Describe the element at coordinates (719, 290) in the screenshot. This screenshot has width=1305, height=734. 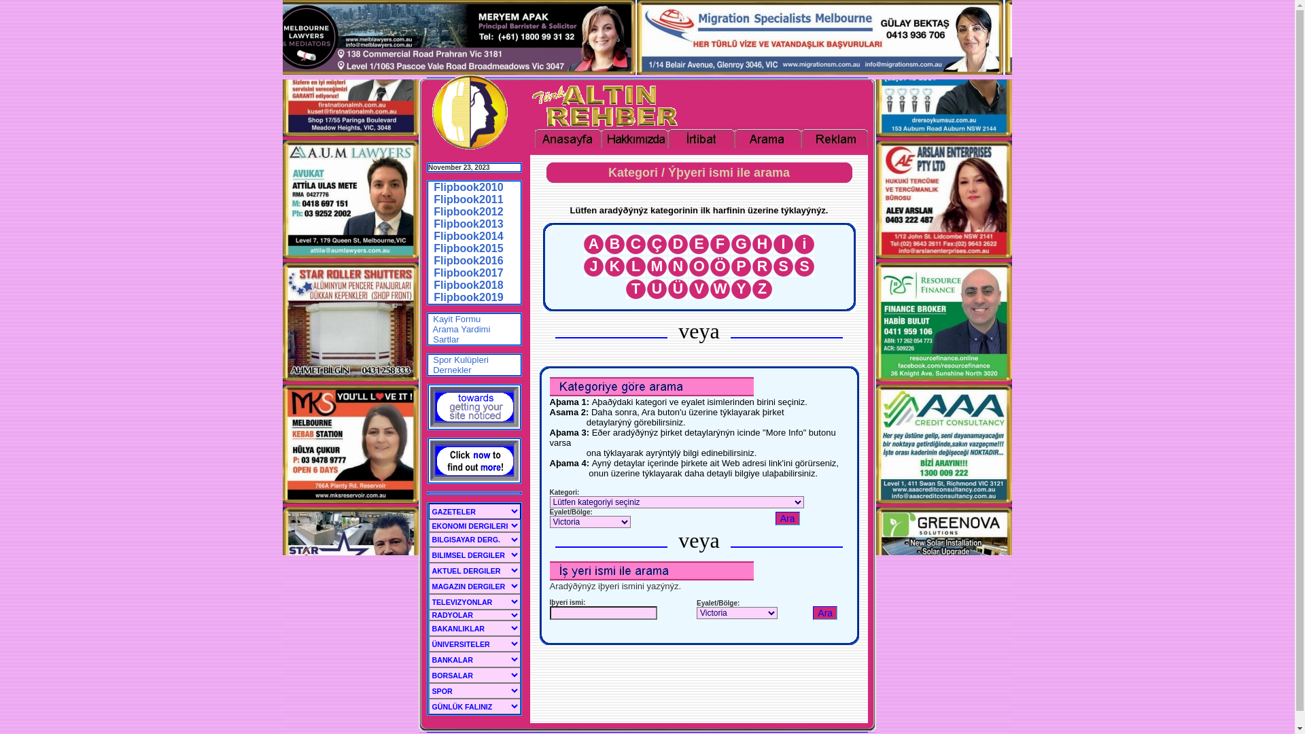
I see `'W'` at that location.